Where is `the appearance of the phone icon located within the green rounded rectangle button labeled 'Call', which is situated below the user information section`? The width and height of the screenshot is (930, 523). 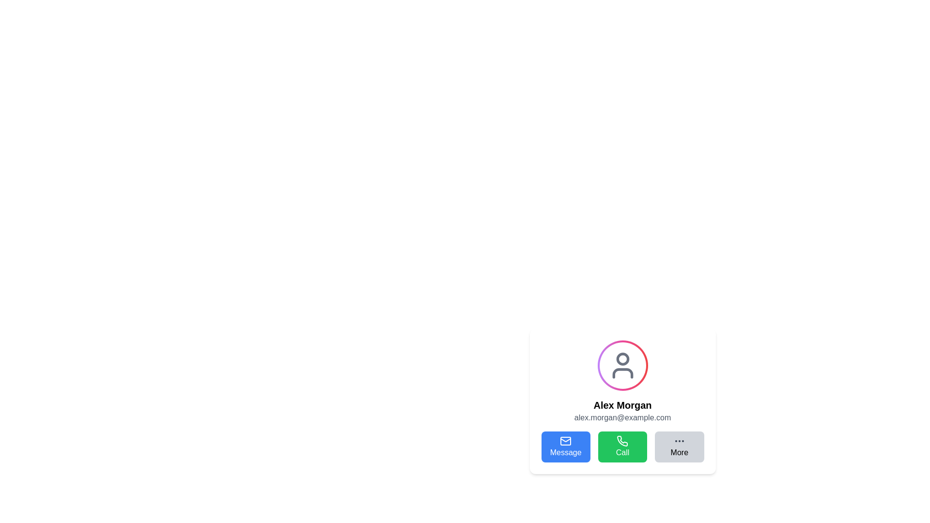
the appearance of the phone icon located within the green rounded rectangle button labeled 'Call', which is situated below the user information section is located at coordinates (622, 441).